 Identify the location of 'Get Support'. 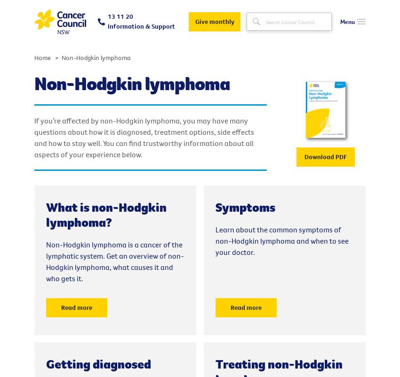
(52, 71).